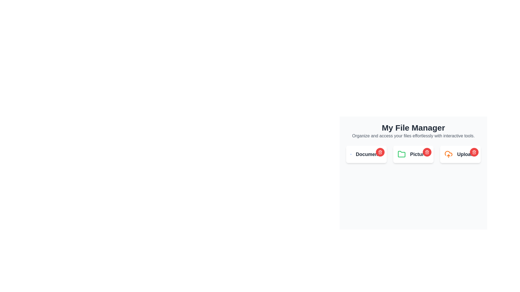 The image size is (520, 292). What do you see at coordinates (413, 154) in the screenshot?
I see `the 'Pictures' folder icon in the file manager interface` at bounding box center [413, 154].